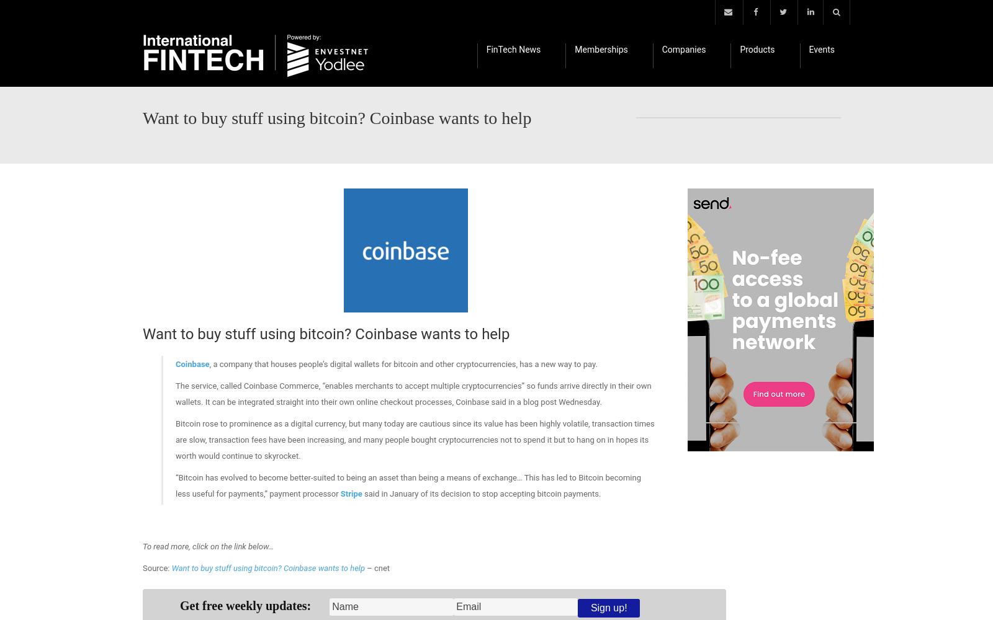  I want to click on 'said in January of its decision to stop accepting bitcoin payments.', so click(481, 494).